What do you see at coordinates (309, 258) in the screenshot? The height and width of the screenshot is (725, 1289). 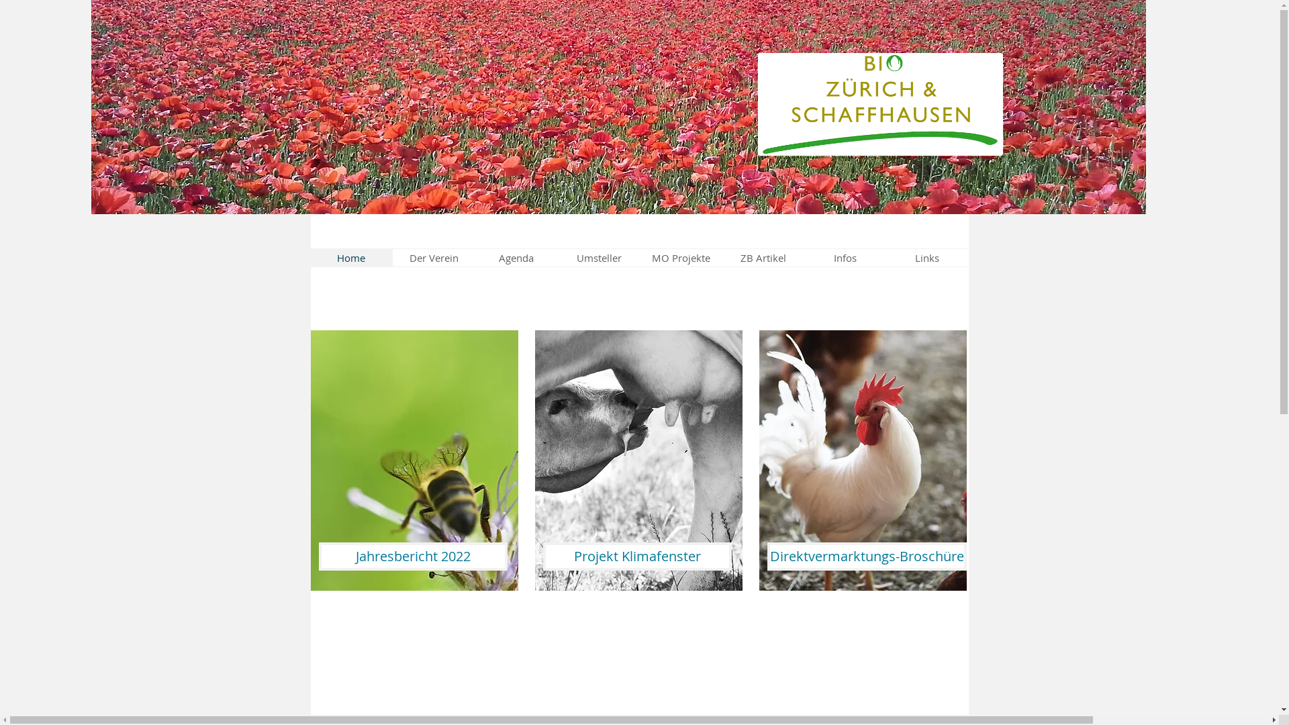 I see `'Home'` at bounding box center [309, 258].